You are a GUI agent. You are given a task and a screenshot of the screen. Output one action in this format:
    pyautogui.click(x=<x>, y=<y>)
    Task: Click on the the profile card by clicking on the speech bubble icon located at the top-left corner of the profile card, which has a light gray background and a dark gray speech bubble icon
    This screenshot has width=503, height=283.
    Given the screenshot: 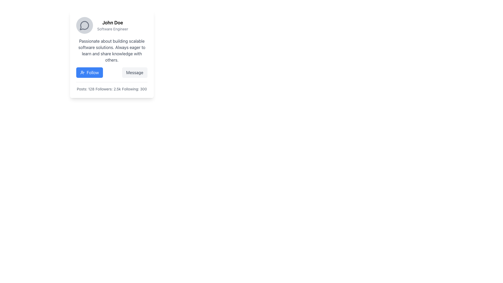 What is the action you would take?
    pyautogui.click(x=84, y=25)
    